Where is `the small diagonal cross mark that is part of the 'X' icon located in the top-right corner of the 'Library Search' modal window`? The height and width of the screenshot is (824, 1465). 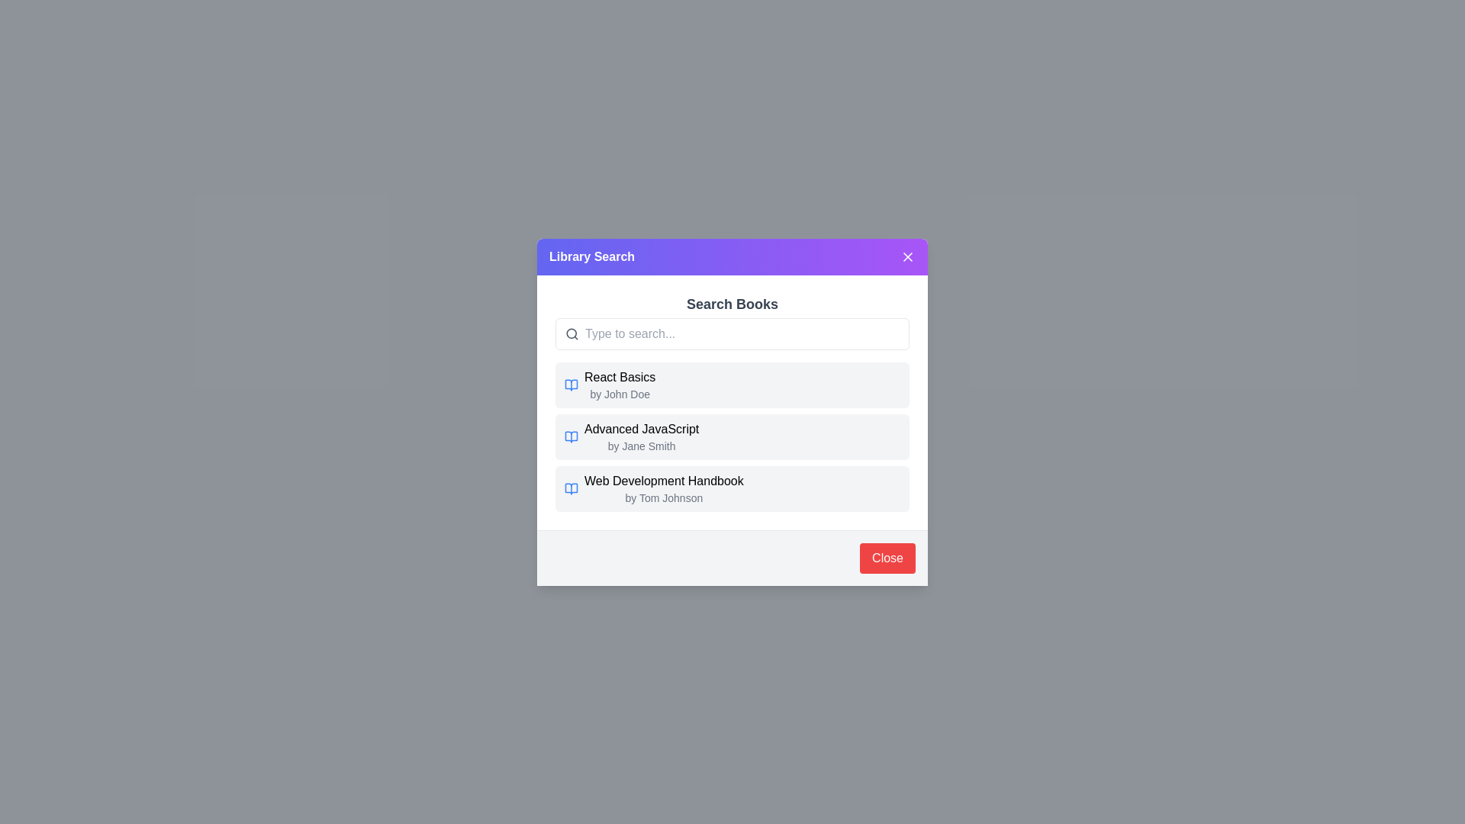
the small diagonal cross mark that is part of the 'X' icon located in the top-right corner of the 'Library Search' modal window is located at coordinates (908, 255).